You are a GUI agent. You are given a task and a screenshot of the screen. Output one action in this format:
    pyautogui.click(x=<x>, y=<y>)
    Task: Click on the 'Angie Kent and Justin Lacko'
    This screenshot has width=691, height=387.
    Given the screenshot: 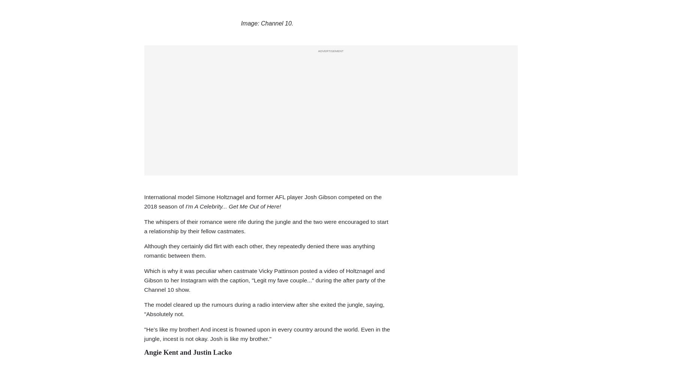 What is the action you would take?
    pyautogui.click(x=187, y=351)
    